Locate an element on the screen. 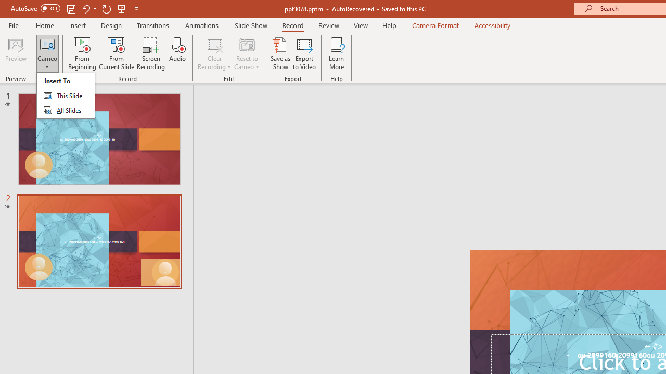  'From Beginning...' is located at coordinates (82, 54).